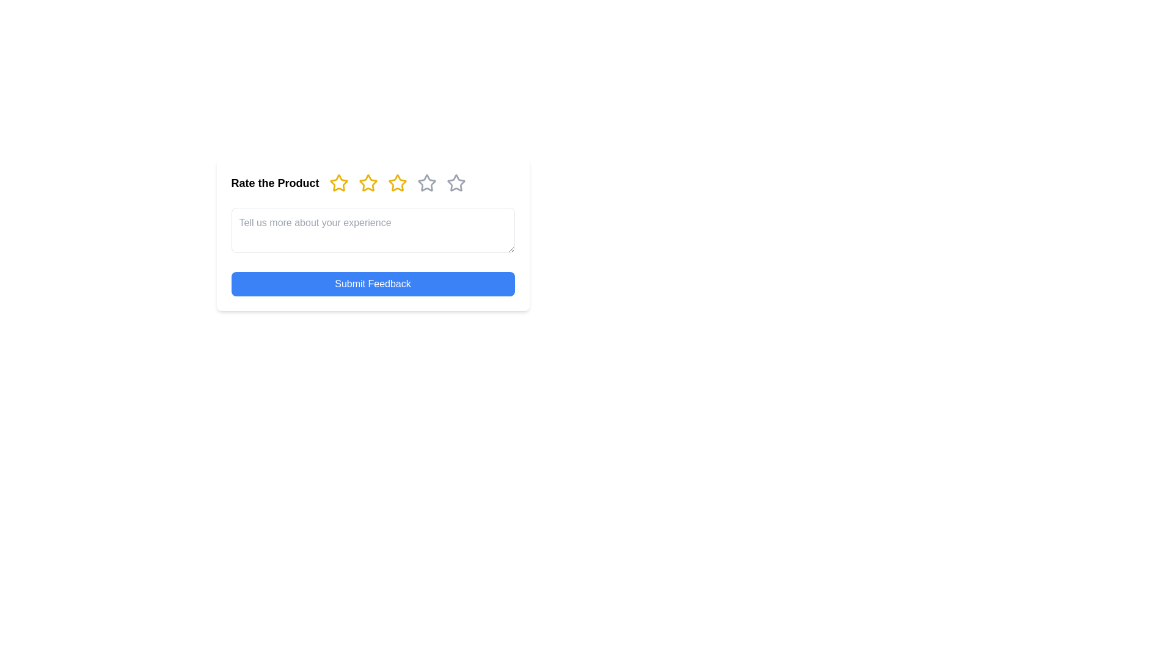 The image size is (1173, 660). What do you see at coordinates (372, 183) in the screenshot?
I see `a star icon in the Rating Widget` at bounding box center [372, 183].